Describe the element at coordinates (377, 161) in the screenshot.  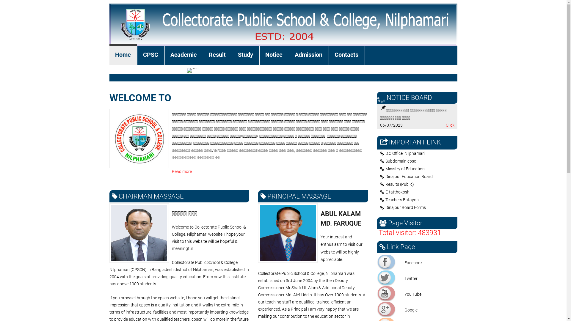
I see `'Subdomain cpsc'` at that location.